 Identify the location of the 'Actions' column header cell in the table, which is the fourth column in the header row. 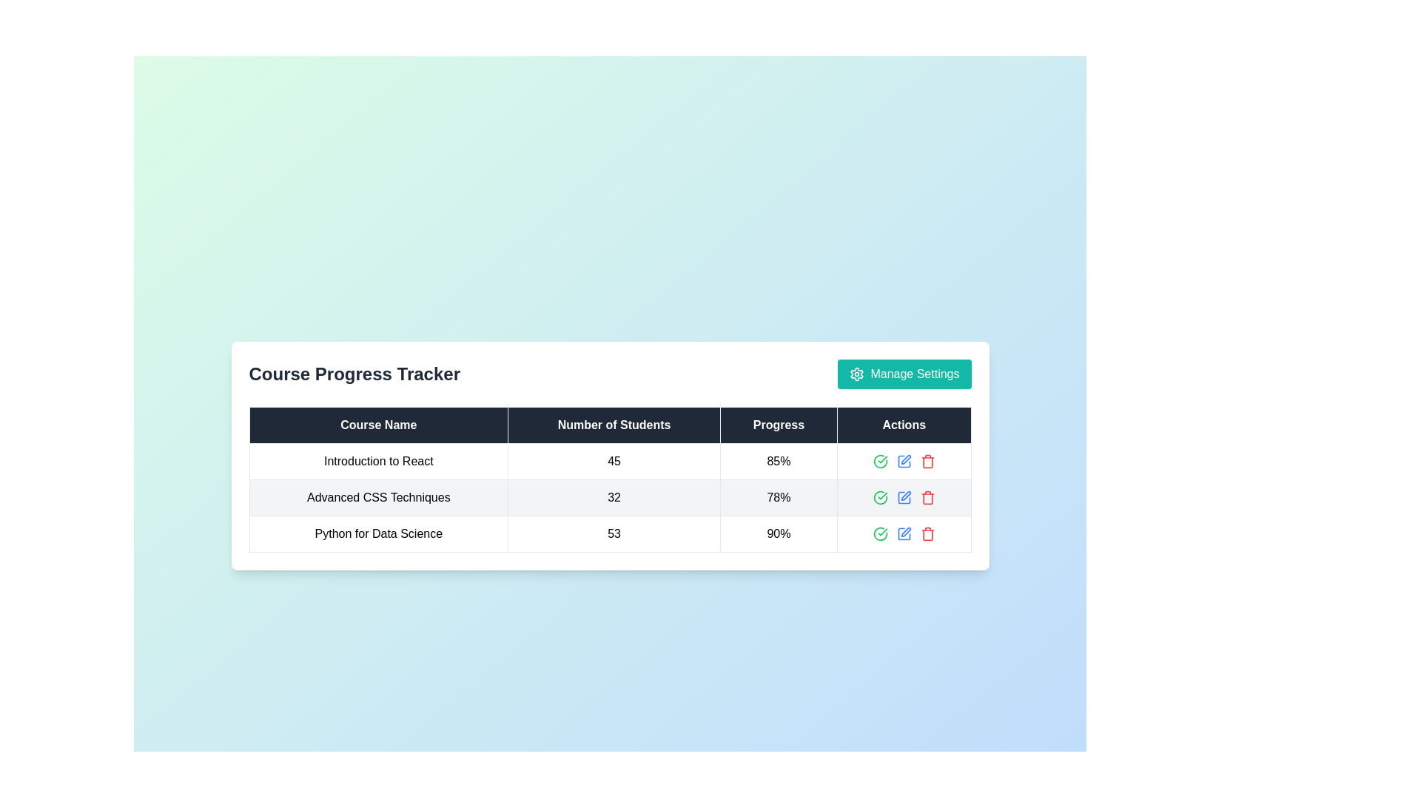
(903, 425).